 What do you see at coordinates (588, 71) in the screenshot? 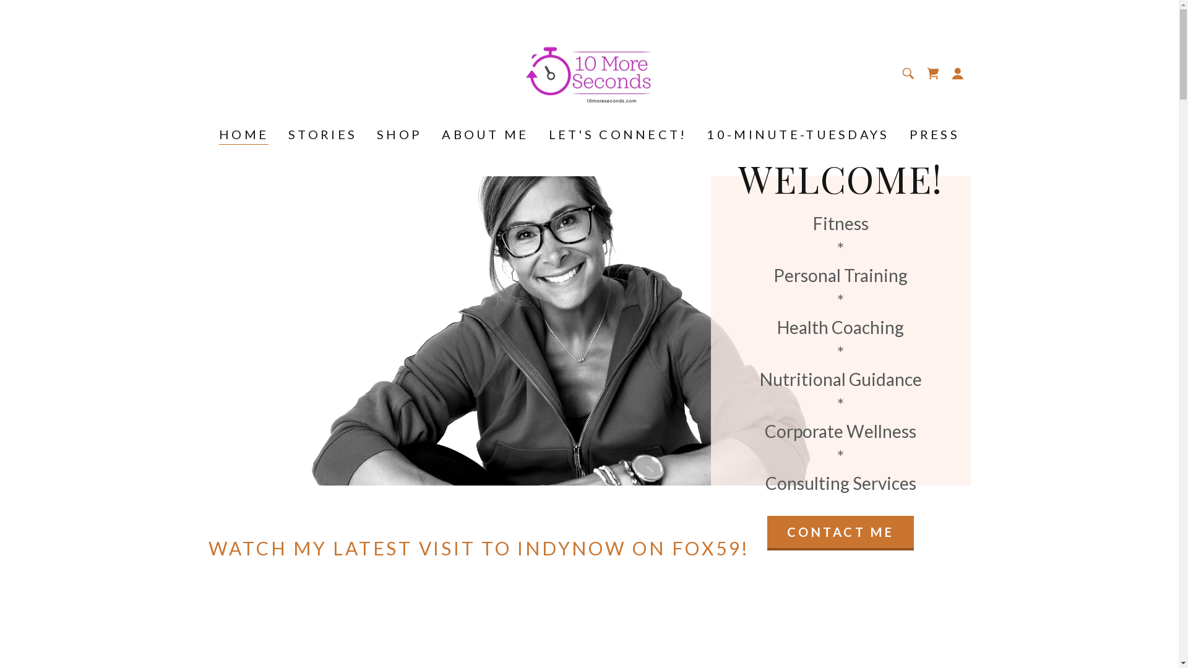
I see `'10MoreSeconds` at bounding box center [588, 71].